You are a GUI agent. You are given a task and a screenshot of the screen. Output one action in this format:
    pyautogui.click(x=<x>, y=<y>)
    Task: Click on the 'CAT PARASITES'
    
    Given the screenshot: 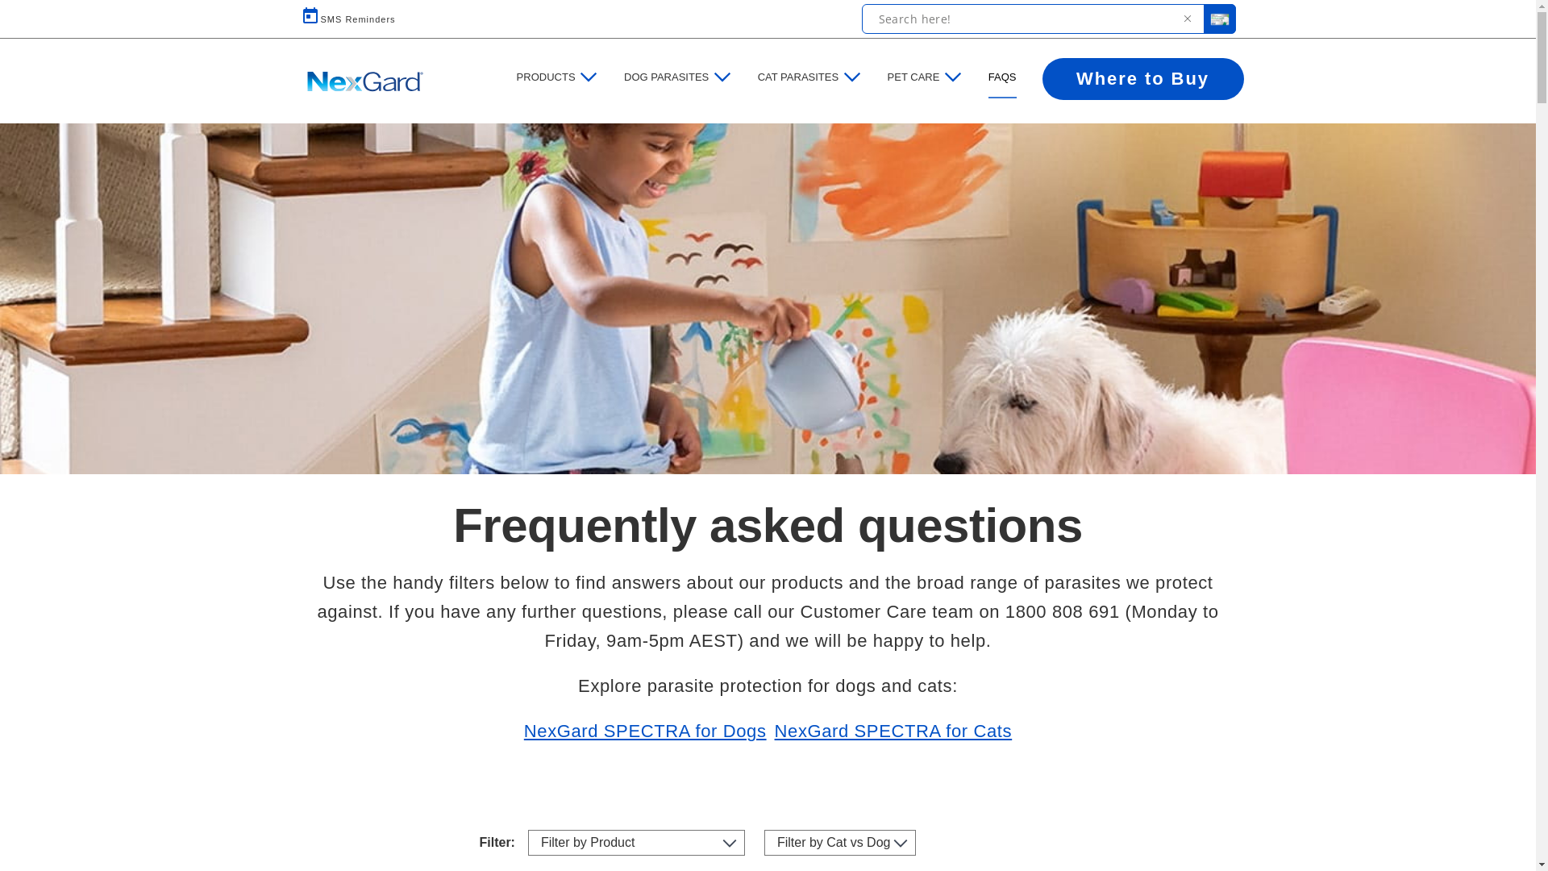 What is the action you would take?
    pyautogui.click(x=797, y=77)
    